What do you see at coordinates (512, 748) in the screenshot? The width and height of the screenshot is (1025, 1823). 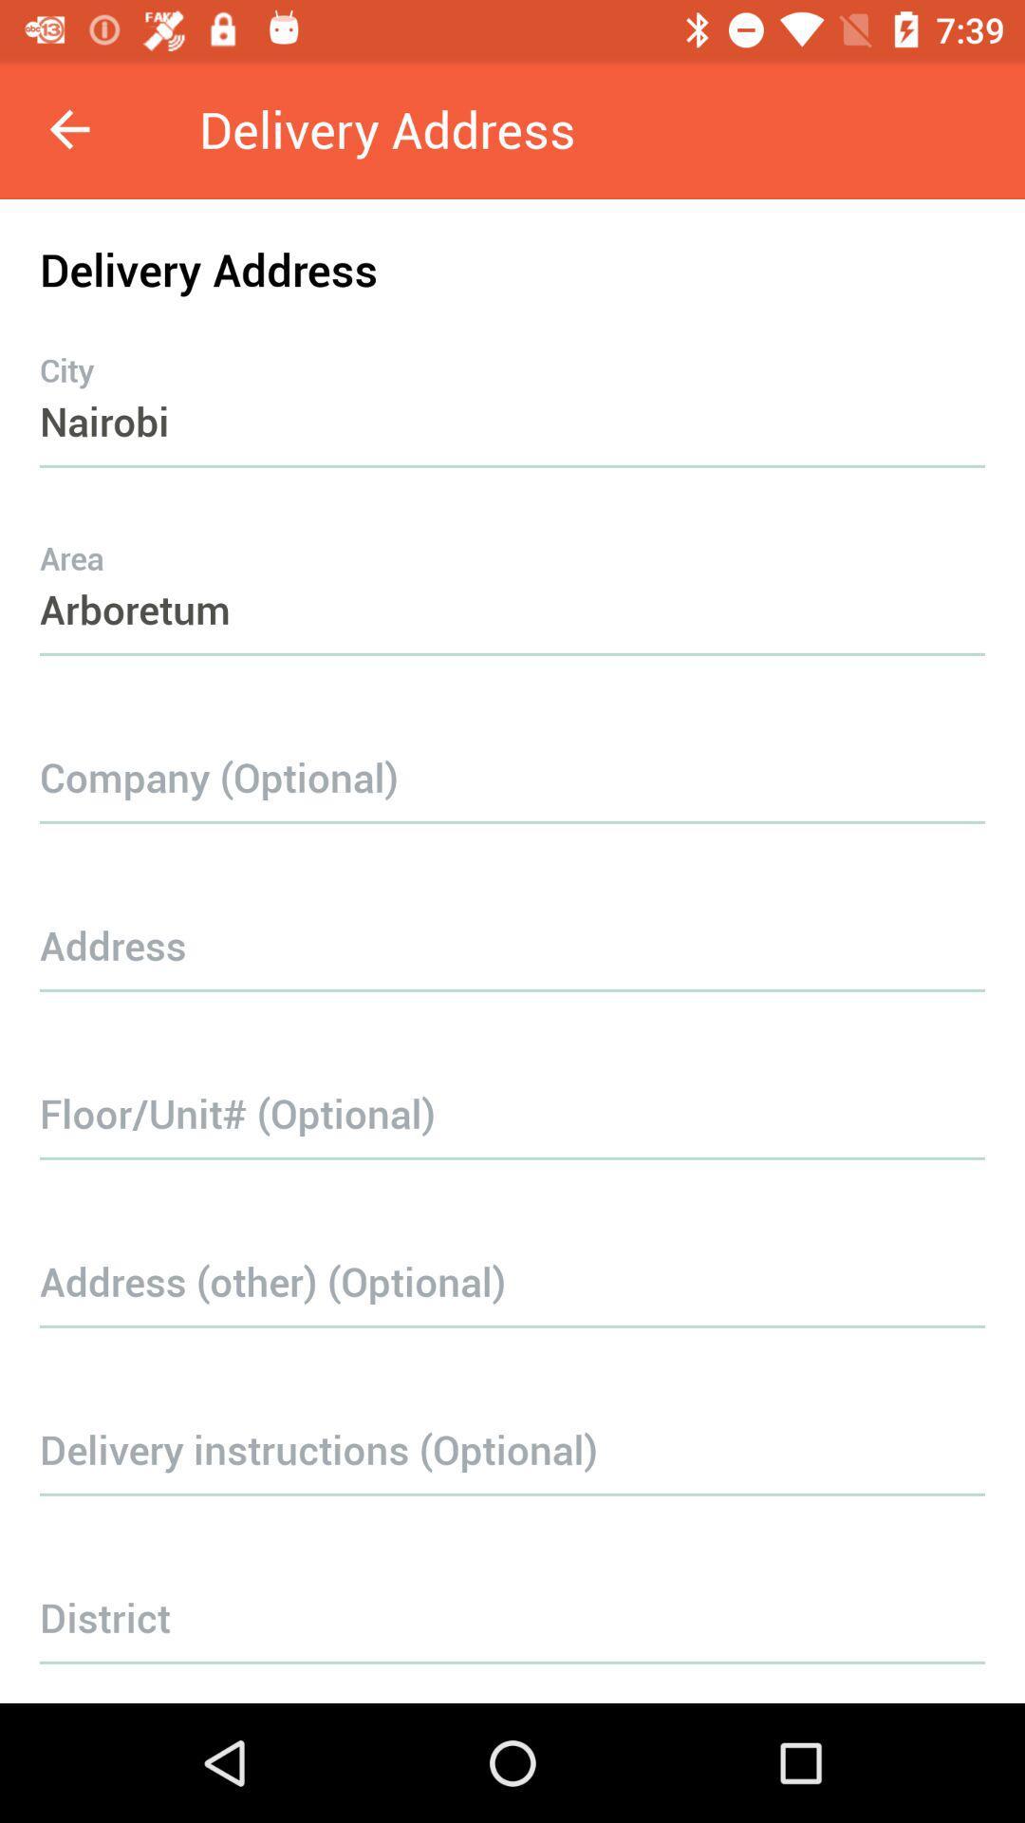 I see `item below the arboretum item` at bounding box center [512, 748].